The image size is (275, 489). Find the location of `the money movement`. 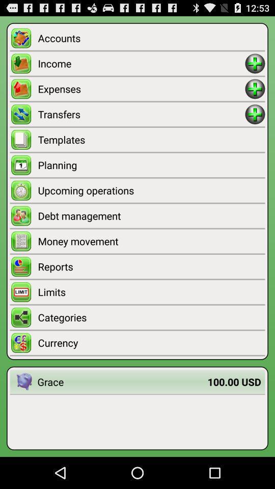

the money movement is located at coordinates (151, 241).